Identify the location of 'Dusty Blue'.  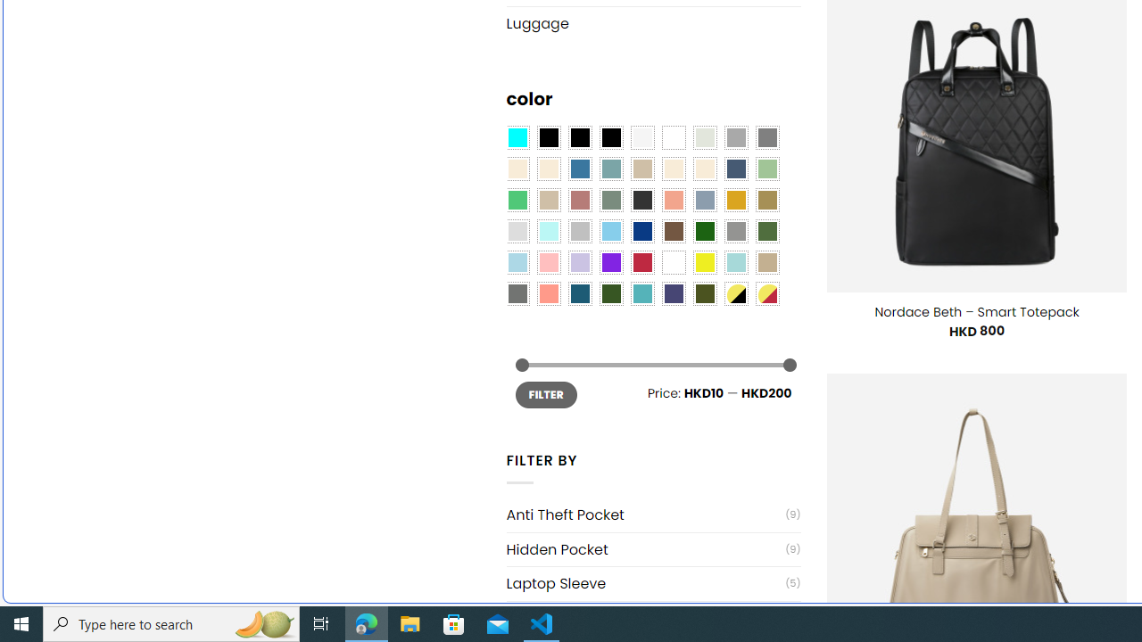
(703, 201).